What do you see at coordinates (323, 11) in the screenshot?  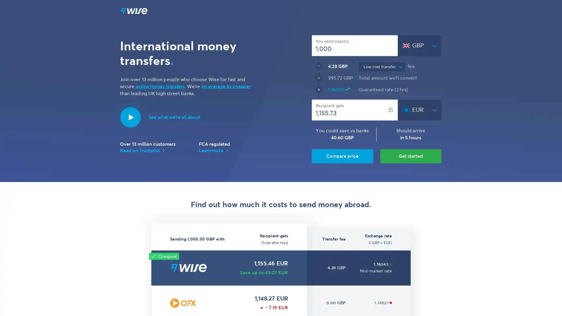 I see `Features` at bounding box center [323, 11].